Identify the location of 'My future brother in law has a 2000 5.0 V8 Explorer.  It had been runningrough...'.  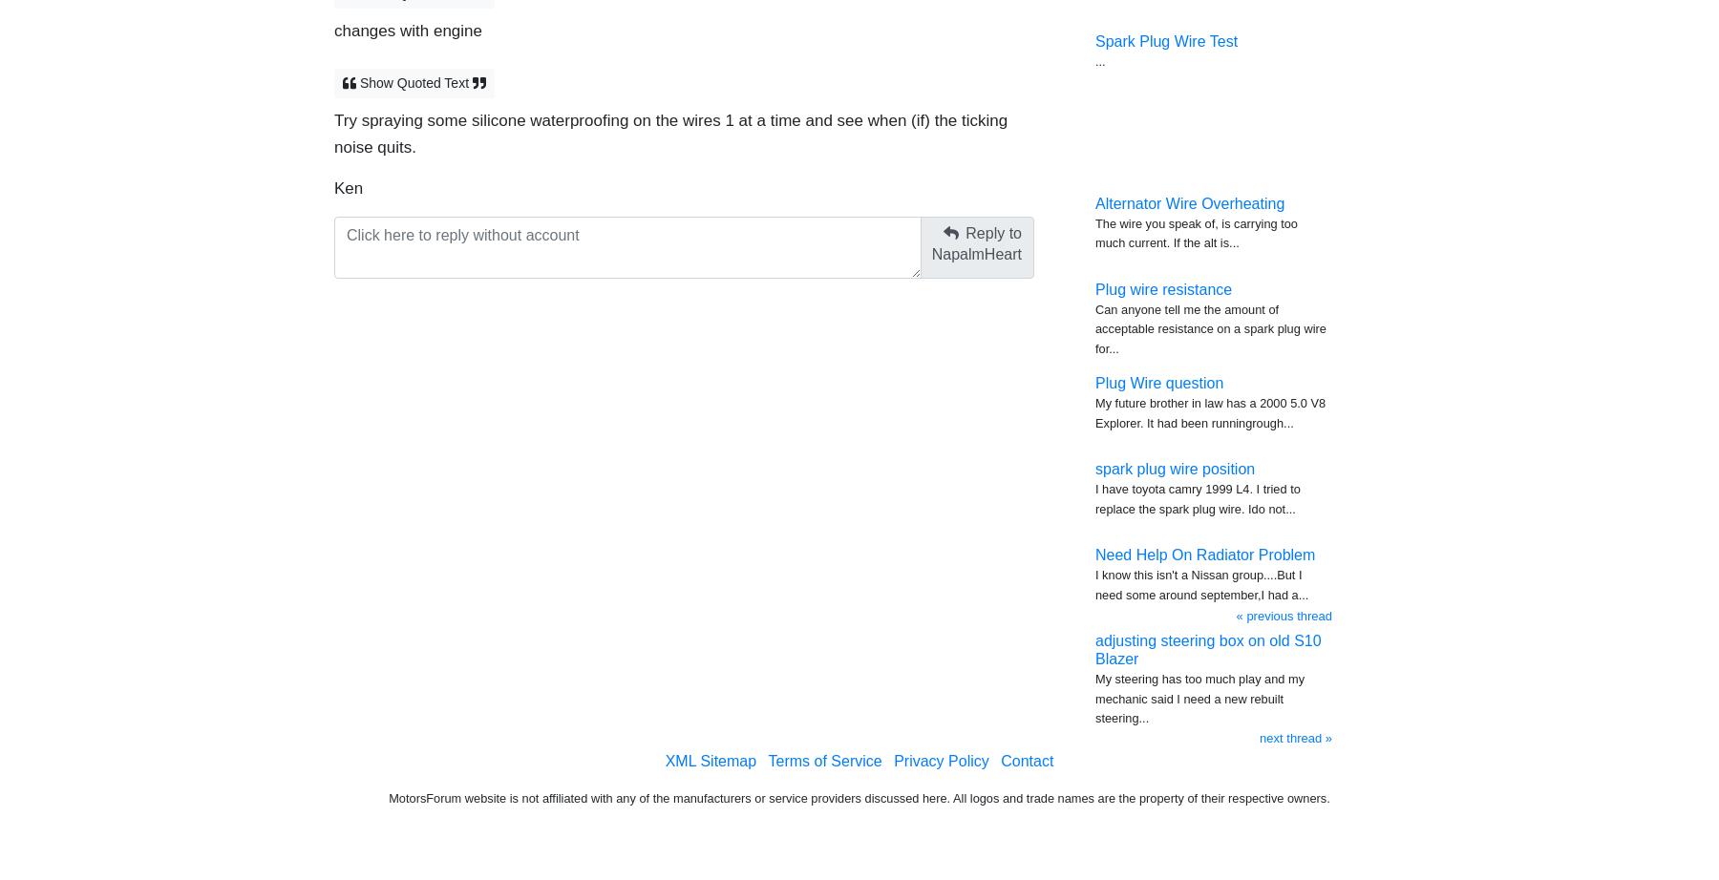
(1210, 411).